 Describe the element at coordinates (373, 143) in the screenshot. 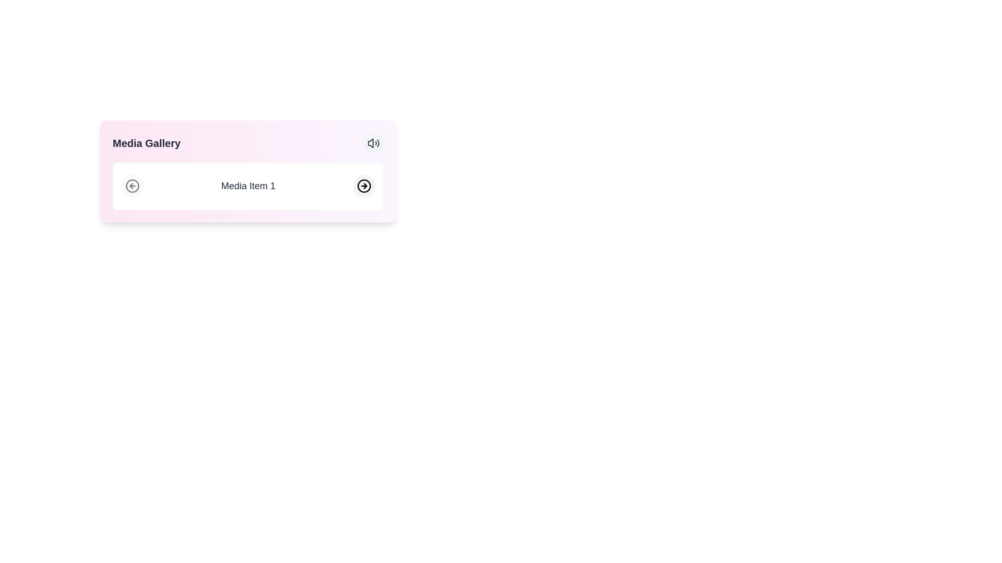

I see `the speaker icon button in the top-right corner of the 'Media Gallery' panel` at that location.